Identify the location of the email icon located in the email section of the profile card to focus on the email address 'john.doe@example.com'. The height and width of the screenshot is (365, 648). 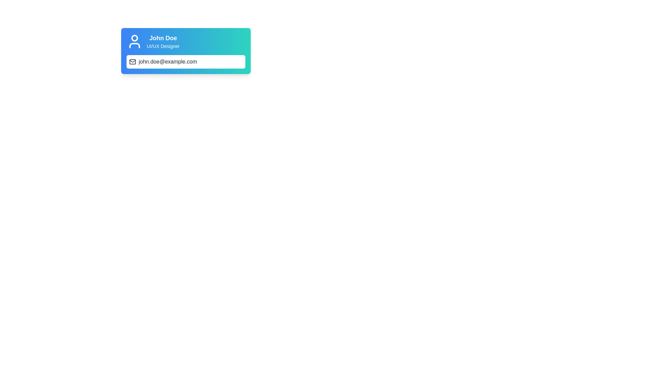
(133, 62).